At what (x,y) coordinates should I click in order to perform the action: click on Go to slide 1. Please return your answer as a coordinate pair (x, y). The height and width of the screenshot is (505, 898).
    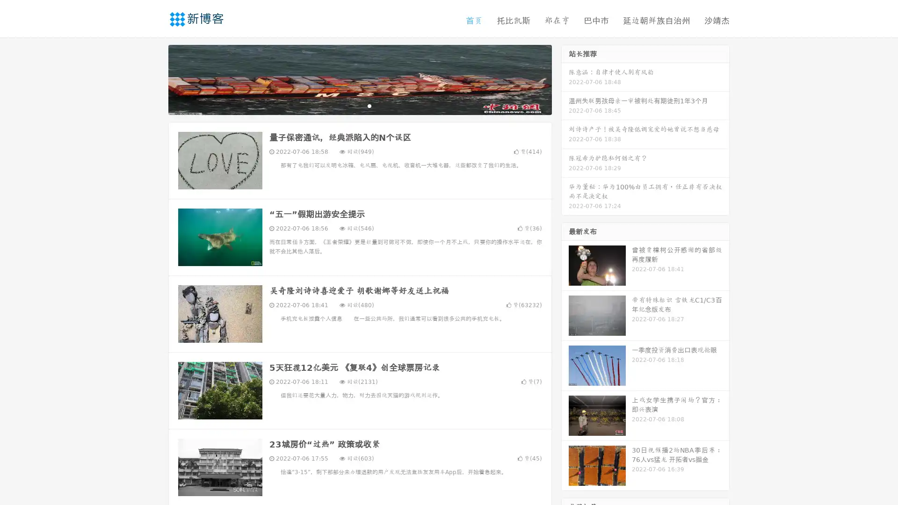
    Looking at the image, I should click on (350, 105).